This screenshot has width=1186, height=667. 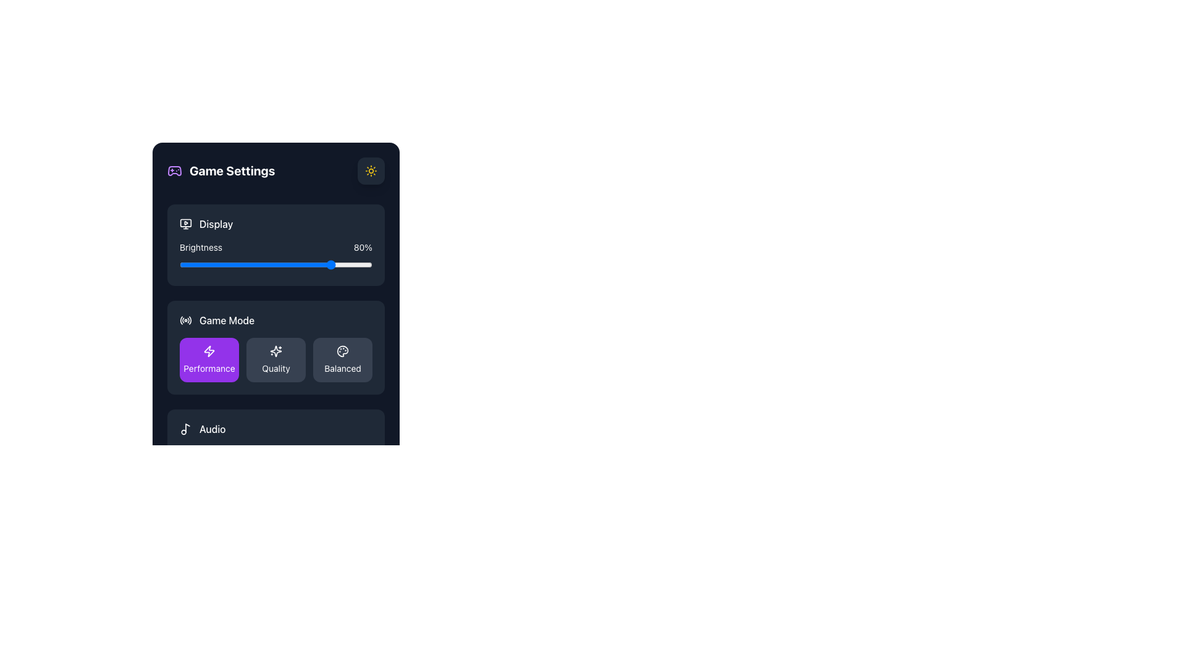 I want to click on the text label element displaying 'Quality', which is centrally aligned in the bottom half of the middle button in the 'Game Mode' row, so click(x=275, y=368).